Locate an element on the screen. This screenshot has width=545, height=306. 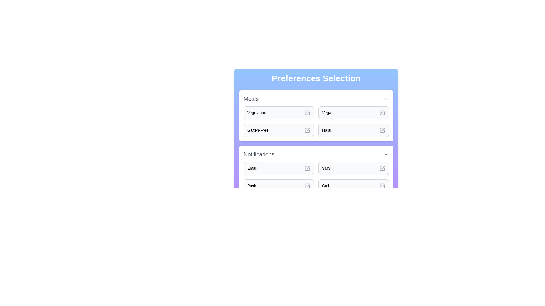
the 'Vegan' selectable option button is located at coordinates (353, 112).